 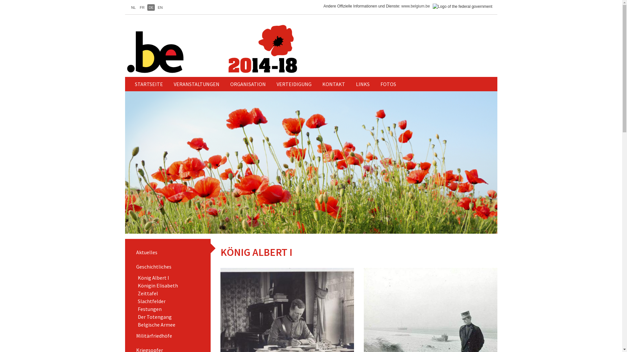 What do you see at coordinates (294, 84) in the screenshot?
I see `'VERTEIDIGUNG'` at bounding box center [294, 84].